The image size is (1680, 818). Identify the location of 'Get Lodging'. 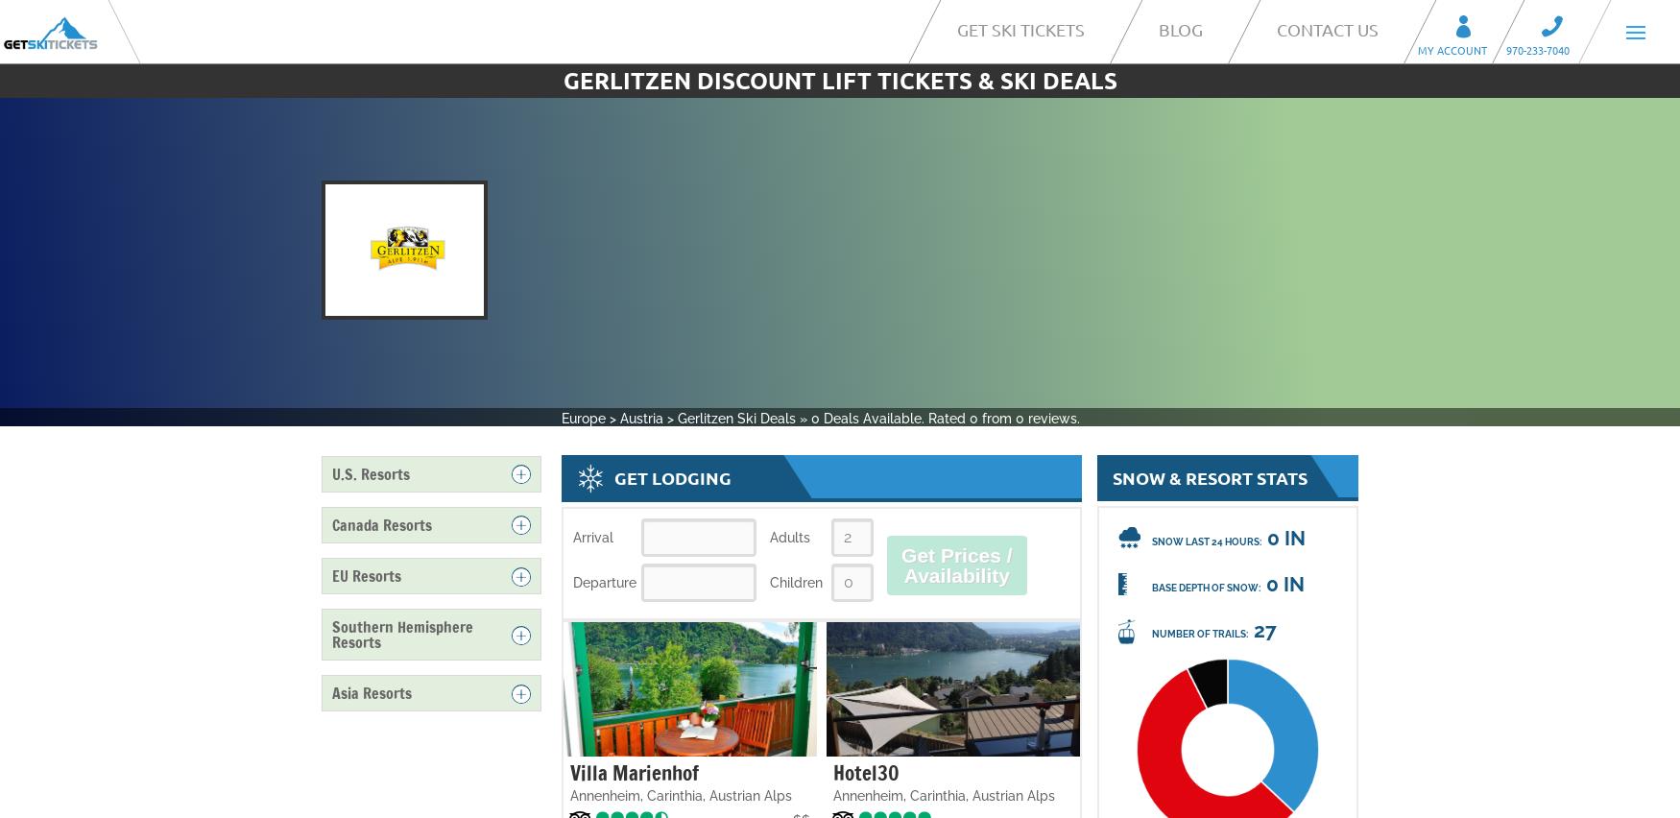
(673, 476).